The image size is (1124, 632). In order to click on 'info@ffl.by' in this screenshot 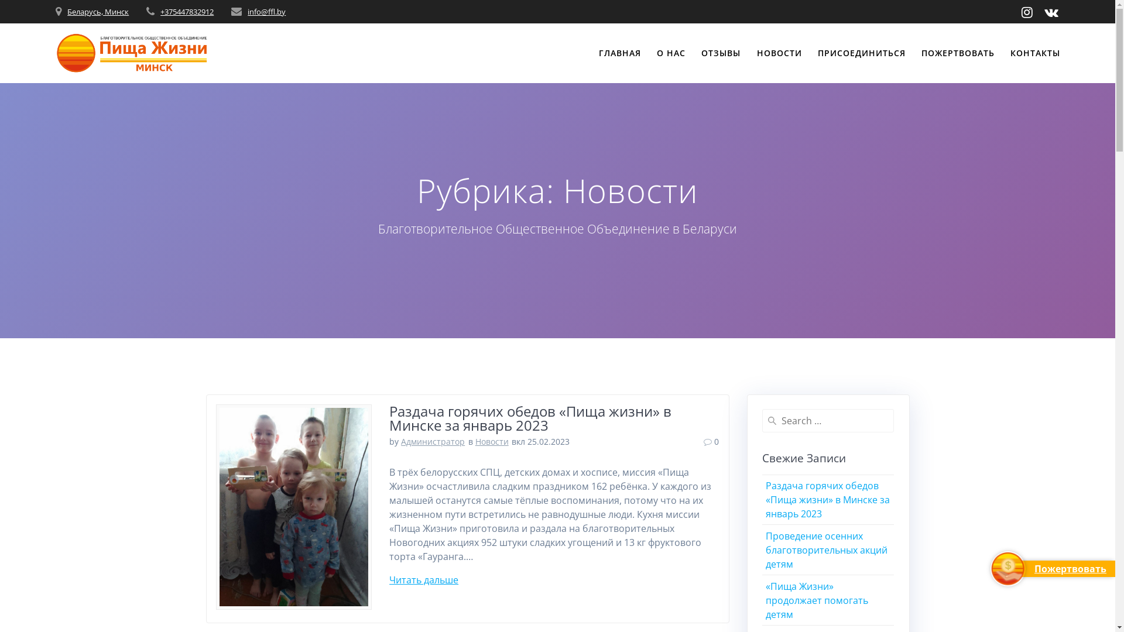, I will do `click(246, 11)`.